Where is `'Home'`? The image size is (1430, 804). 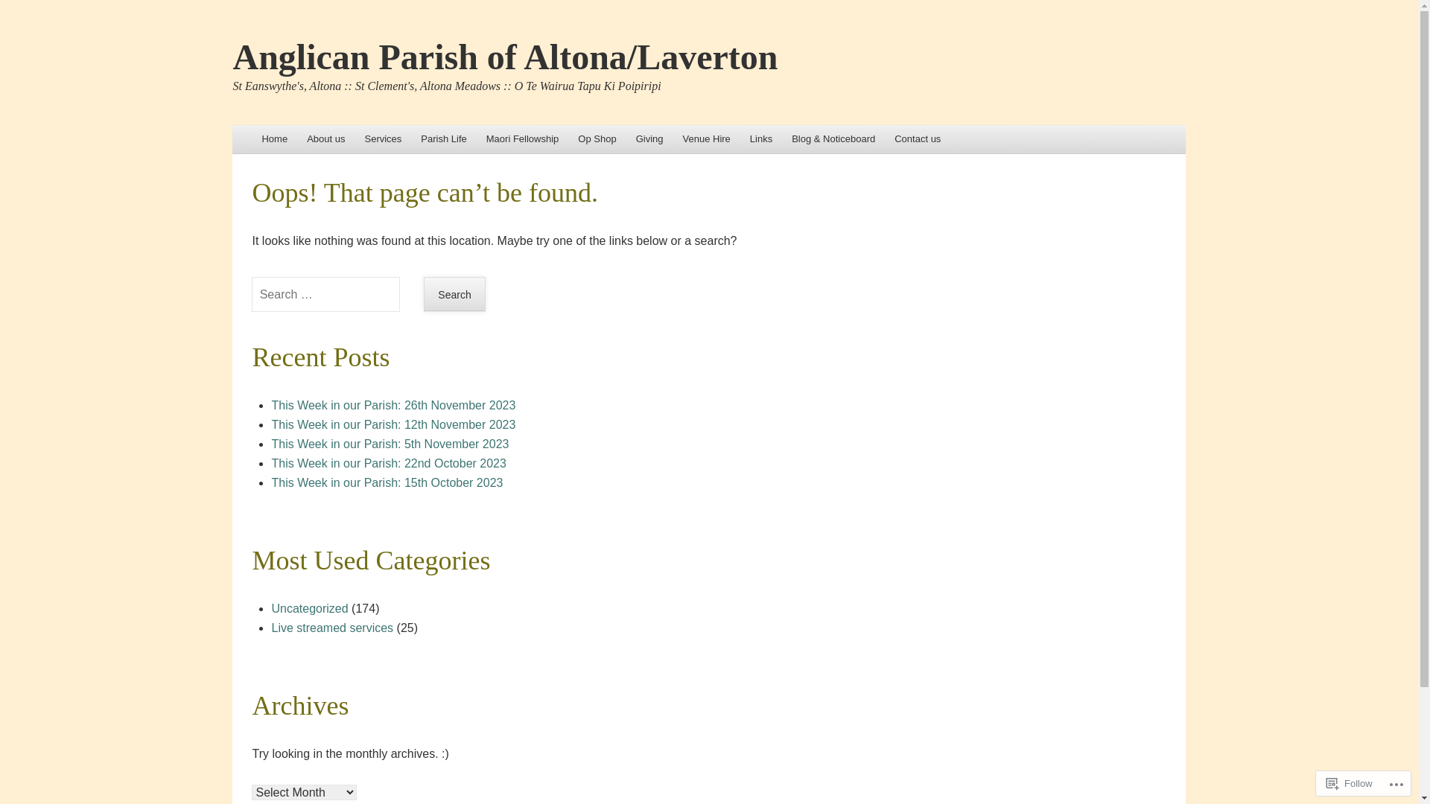
'Home' is located at coordinates (251, 139).